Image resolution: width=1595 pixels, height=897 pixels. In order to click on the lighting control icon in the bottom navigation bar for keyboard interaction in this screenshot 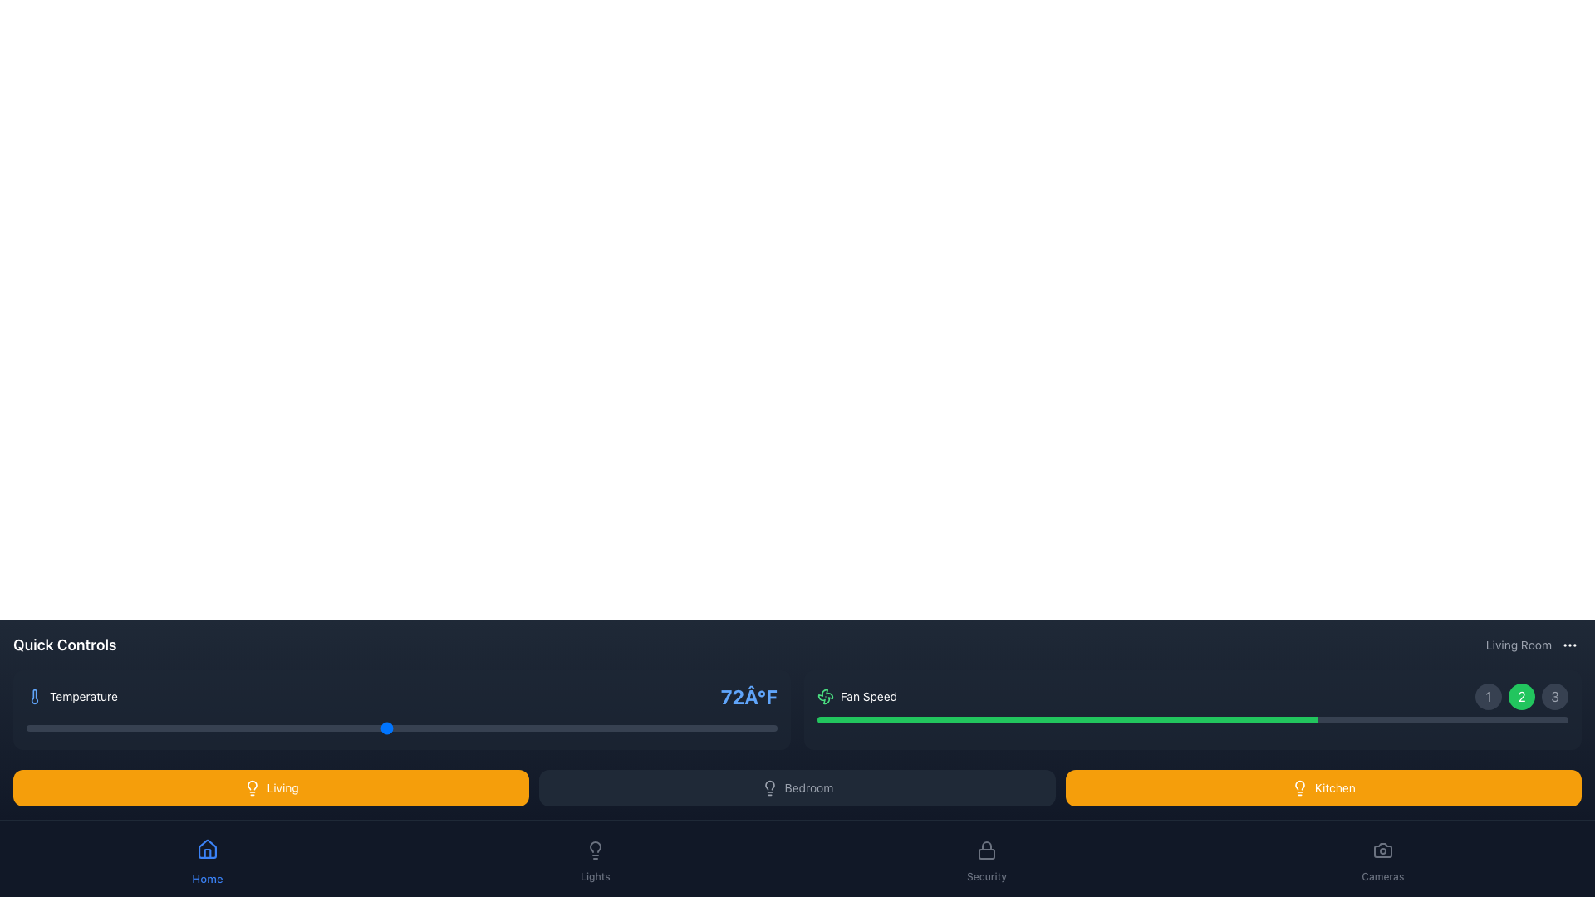, I will do `click(595, 846)`.